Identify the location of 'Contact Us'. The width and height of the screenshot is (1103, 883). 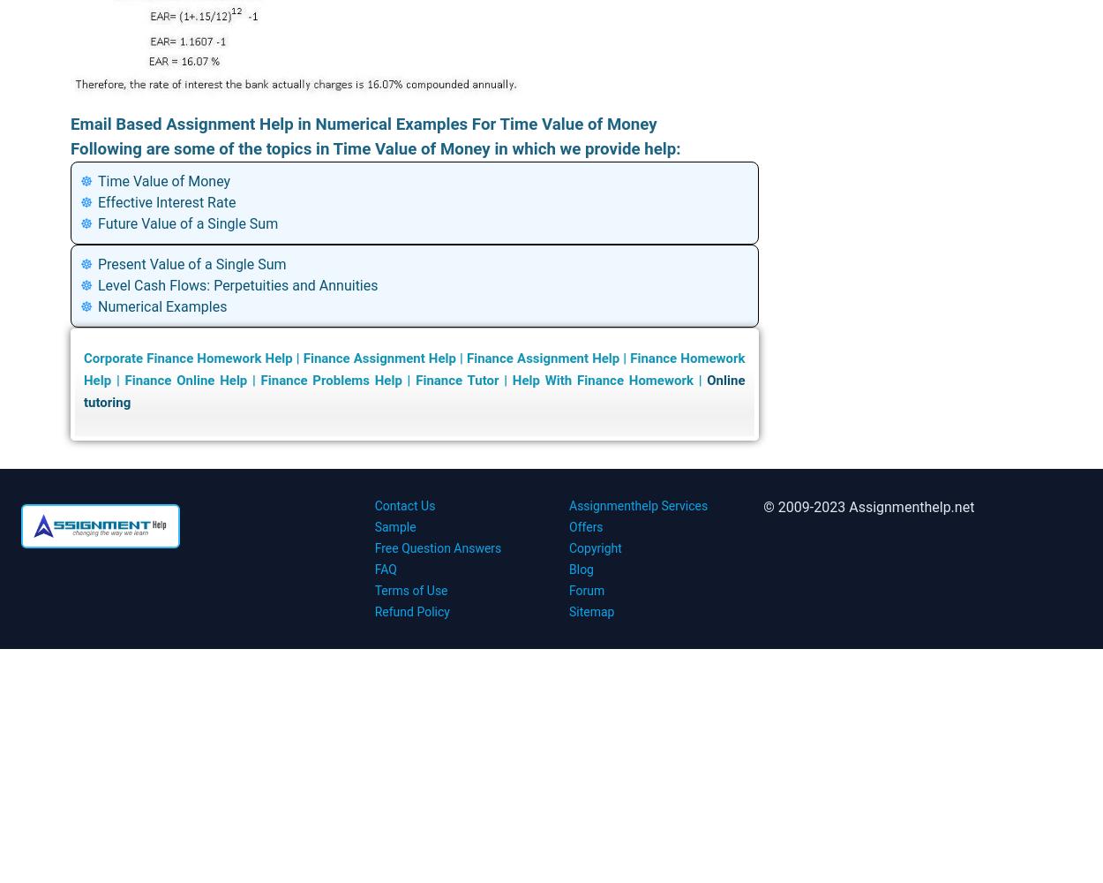
(403, 505).